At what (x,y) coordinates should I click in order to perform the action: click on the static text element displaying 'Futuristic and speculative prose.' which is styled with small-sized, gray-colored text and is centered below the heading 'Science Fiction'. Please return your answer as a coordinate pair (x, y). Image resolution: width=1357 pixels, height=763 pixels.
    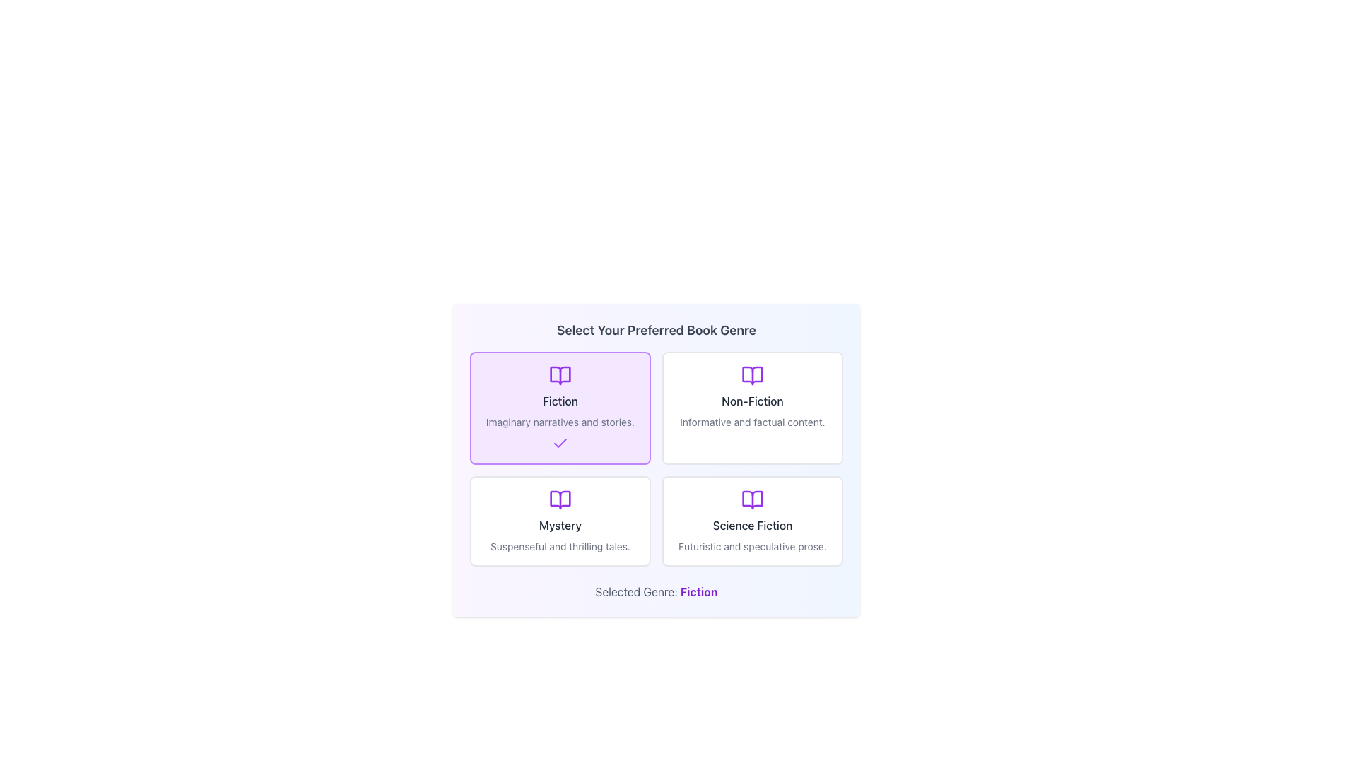
    Looking at the image, I should click on (752, 546).